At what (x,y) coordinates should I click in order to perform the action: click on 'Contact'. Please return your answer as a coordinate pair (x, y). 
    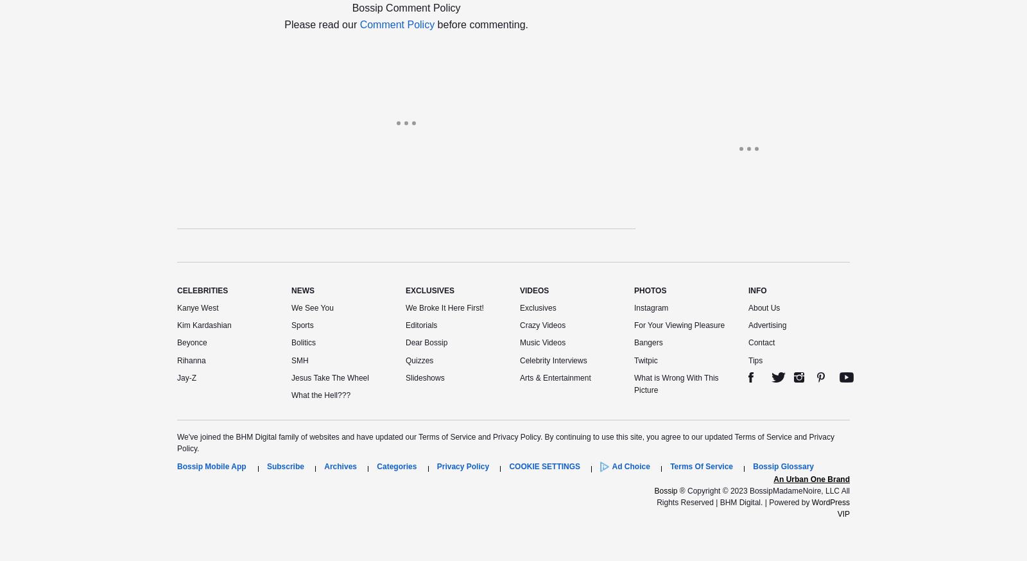
    Looking at the image, I should click on (761, 343).